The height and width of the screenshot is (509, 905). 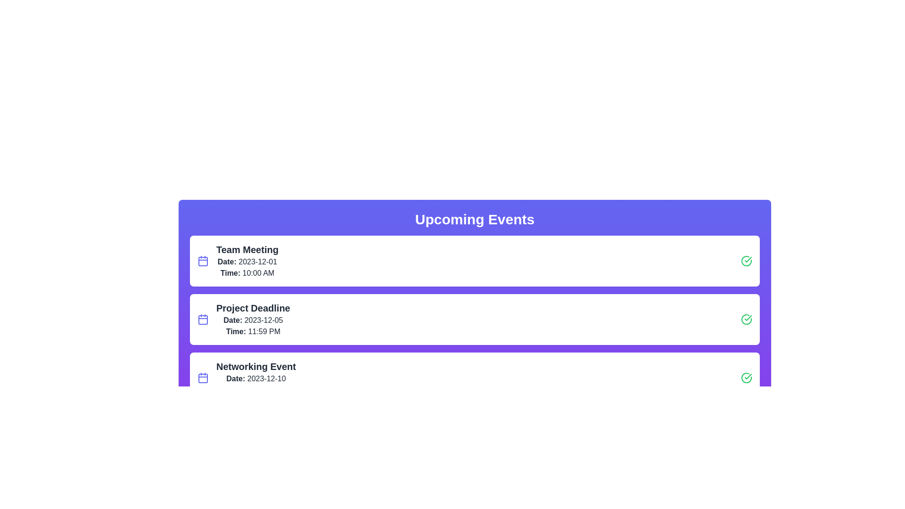 What do you see at coordinates (253, 308) in the screenshot?
I see `the bold, xl-sized text label displaying 'Project Deadline', which is centrally located at the top of the event card` at bounding box center [253, 308].